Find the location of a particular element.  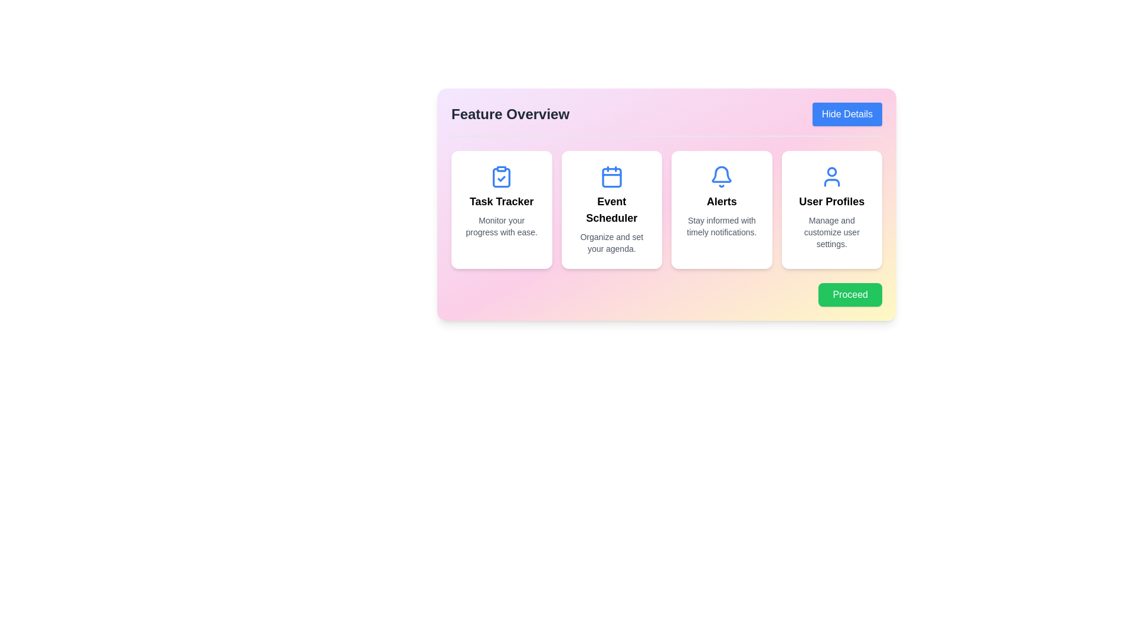

the individual feature section in the grid layout located near the center of the overall layout, below the 'Feature Overview' header and above the green 'Proceed' button is located at coordinates (666, 209).